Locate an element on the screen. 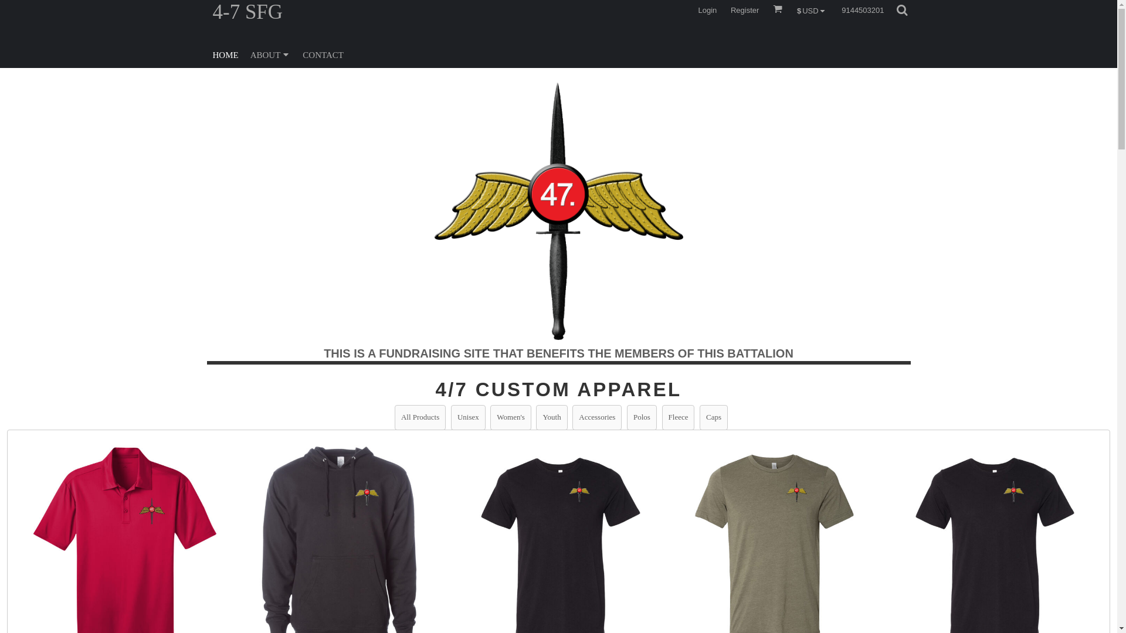 The image size is (1126, 633). 'HOME' is located at coordinates (225, 54).